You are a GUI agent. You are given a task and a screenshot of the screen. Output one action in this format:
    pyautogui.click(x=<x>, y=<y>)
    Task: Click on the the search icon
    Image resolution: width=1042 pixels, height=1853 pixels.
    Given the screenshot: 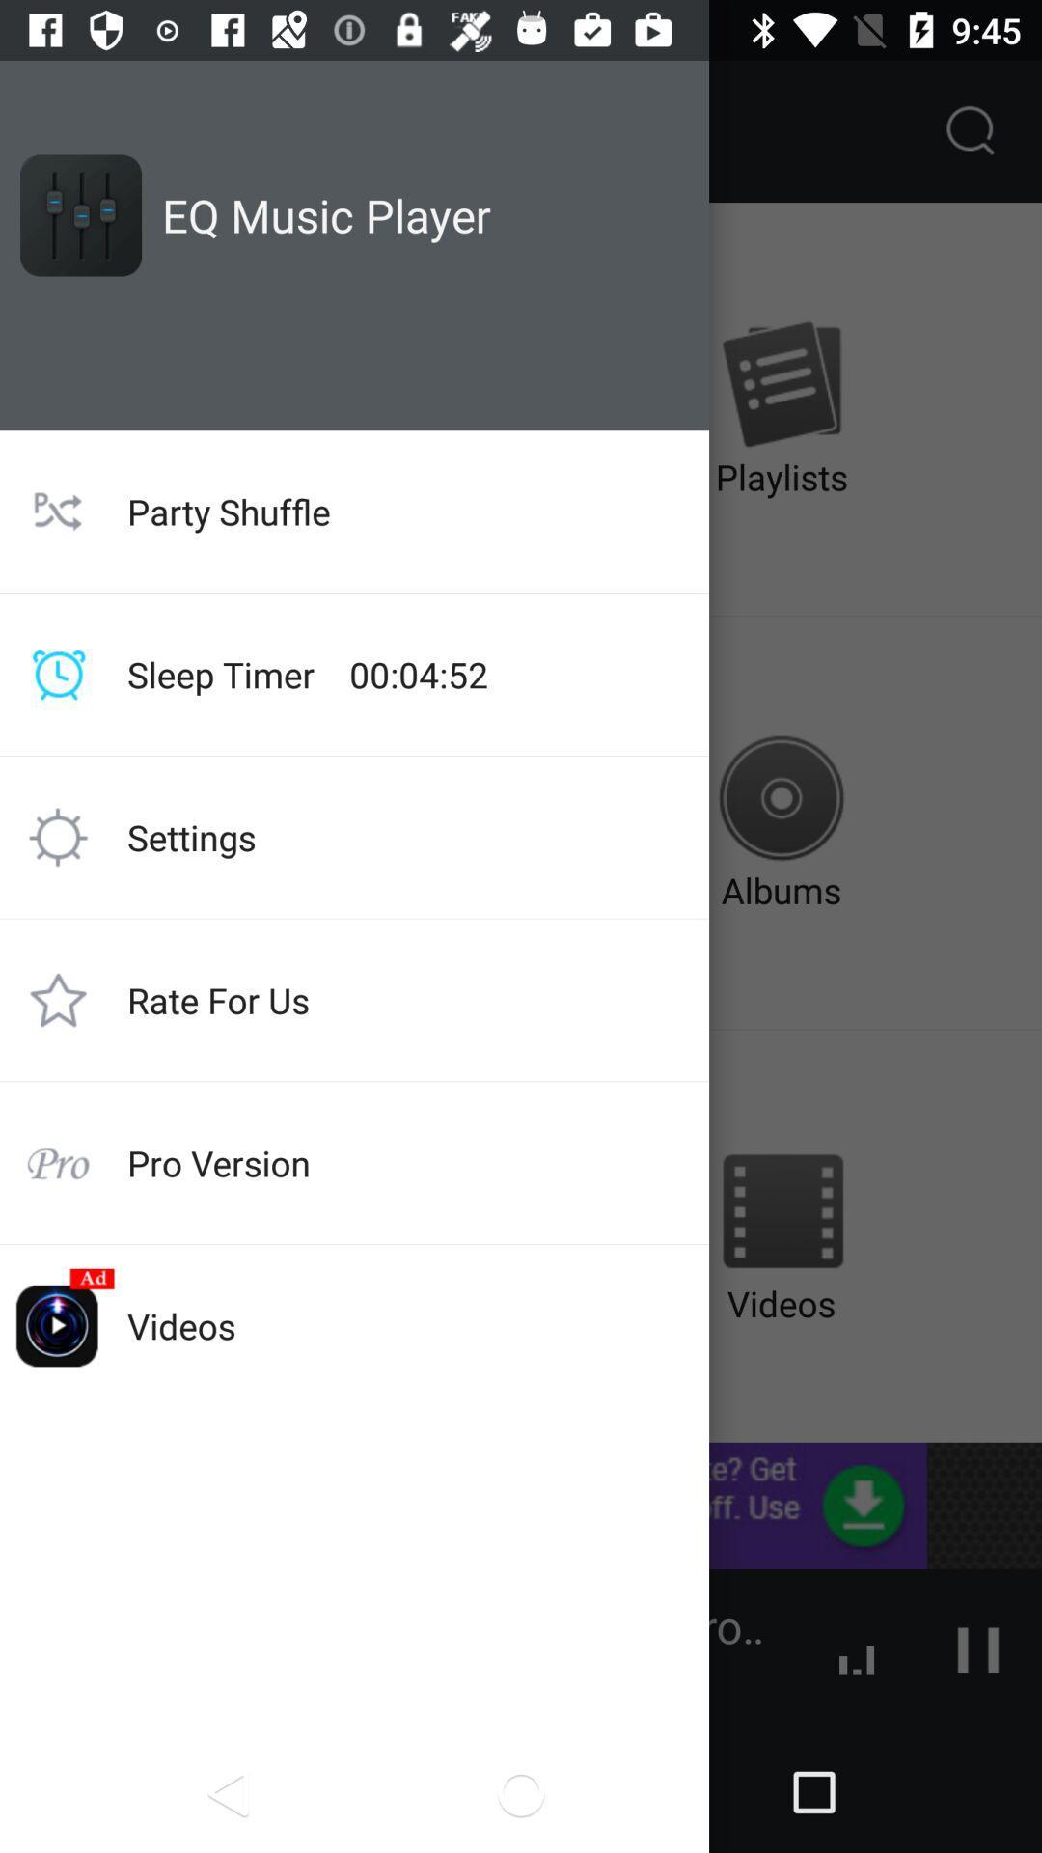 What is the action you would take?
    pyautogui.click(x=971, y=130)
    